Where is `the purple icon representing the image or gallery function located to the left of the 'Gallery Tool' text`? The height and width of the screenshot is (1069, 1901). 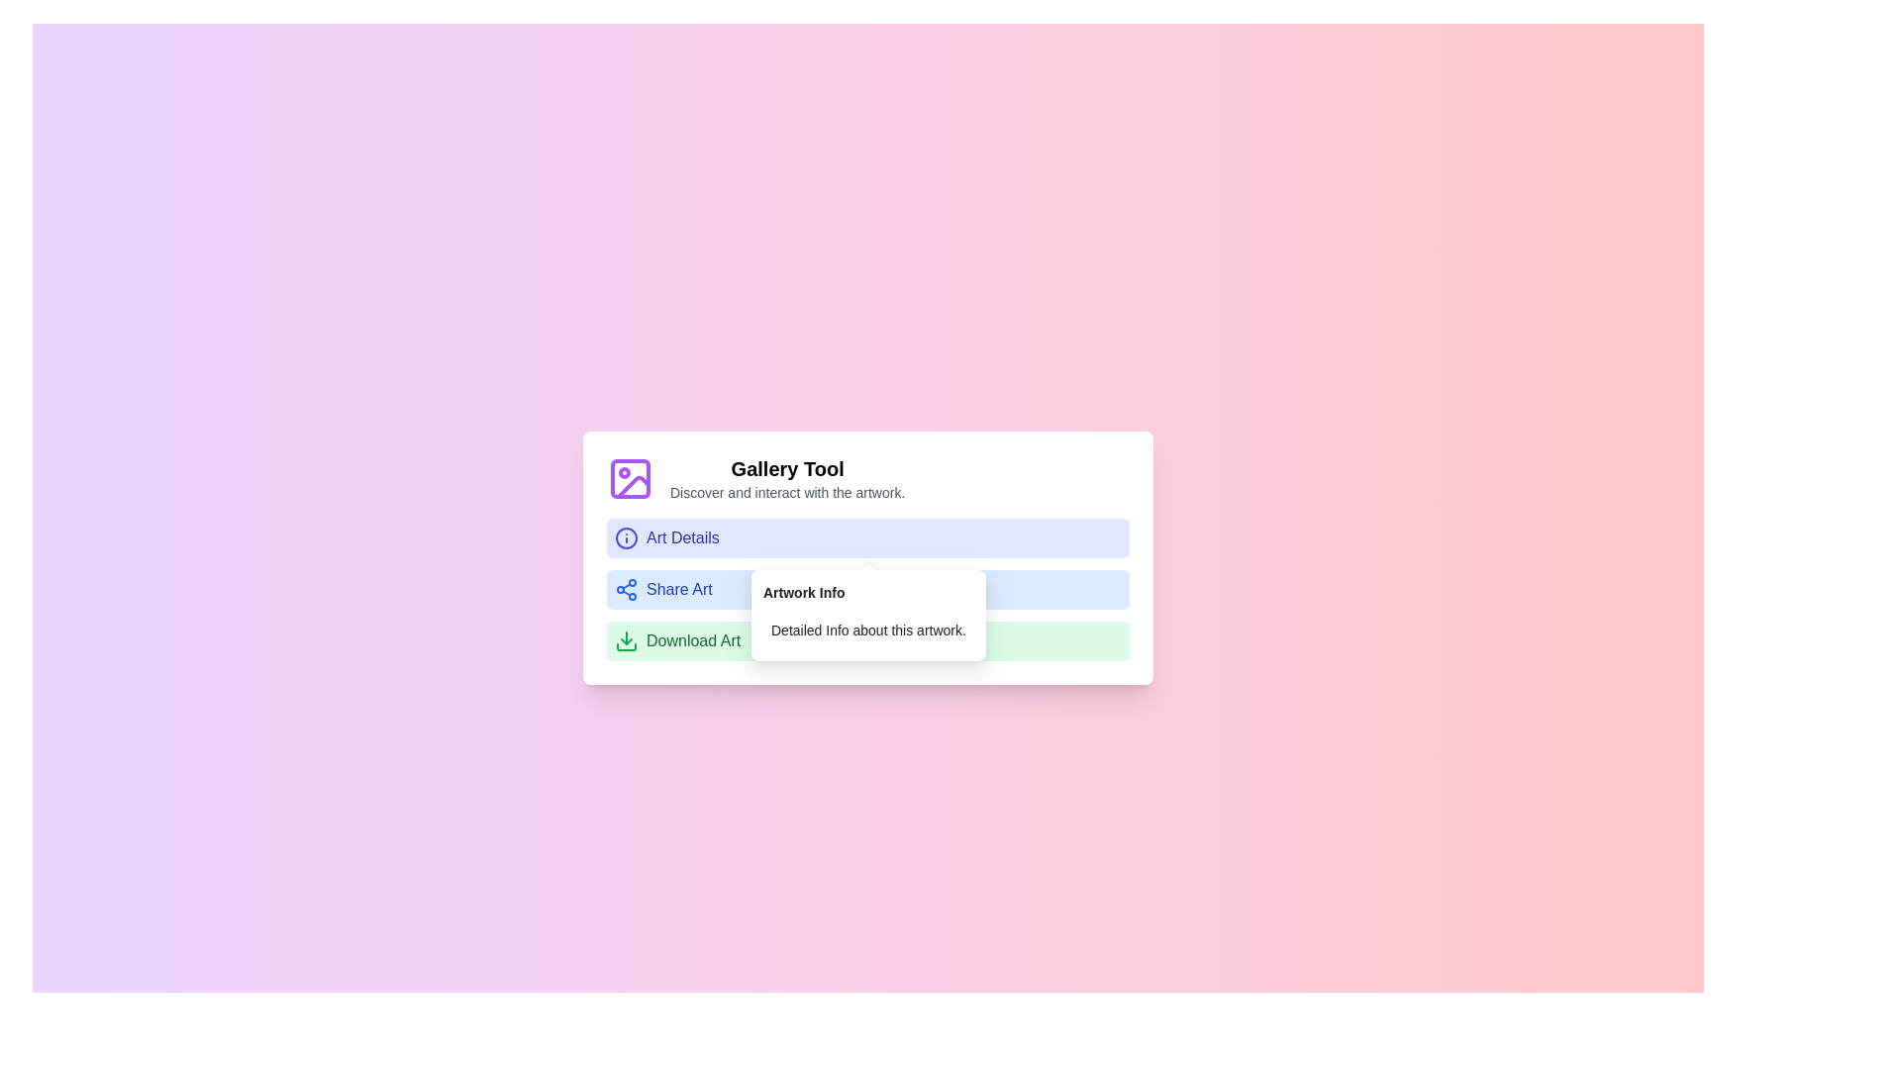 the purple icon representing the image or gallery function located to the left of the 'Gallery Tool' text is located at coordinates (630, 478).